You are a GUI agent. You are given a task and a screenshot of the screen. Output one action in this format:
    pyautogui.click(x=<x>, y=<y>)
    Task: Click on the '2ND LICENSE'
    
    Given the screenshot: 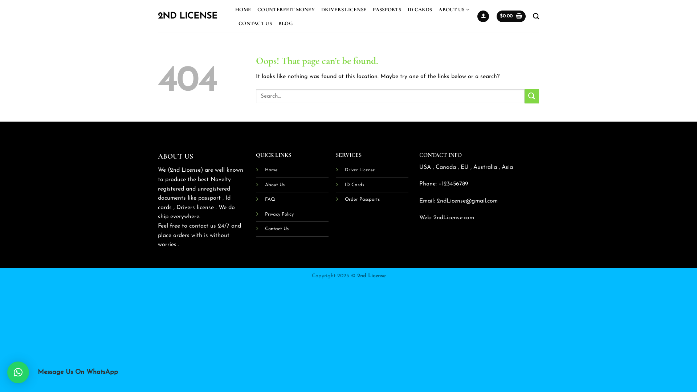 What is the action you would take?
    pyautogui.click(x=158, y=16)
    